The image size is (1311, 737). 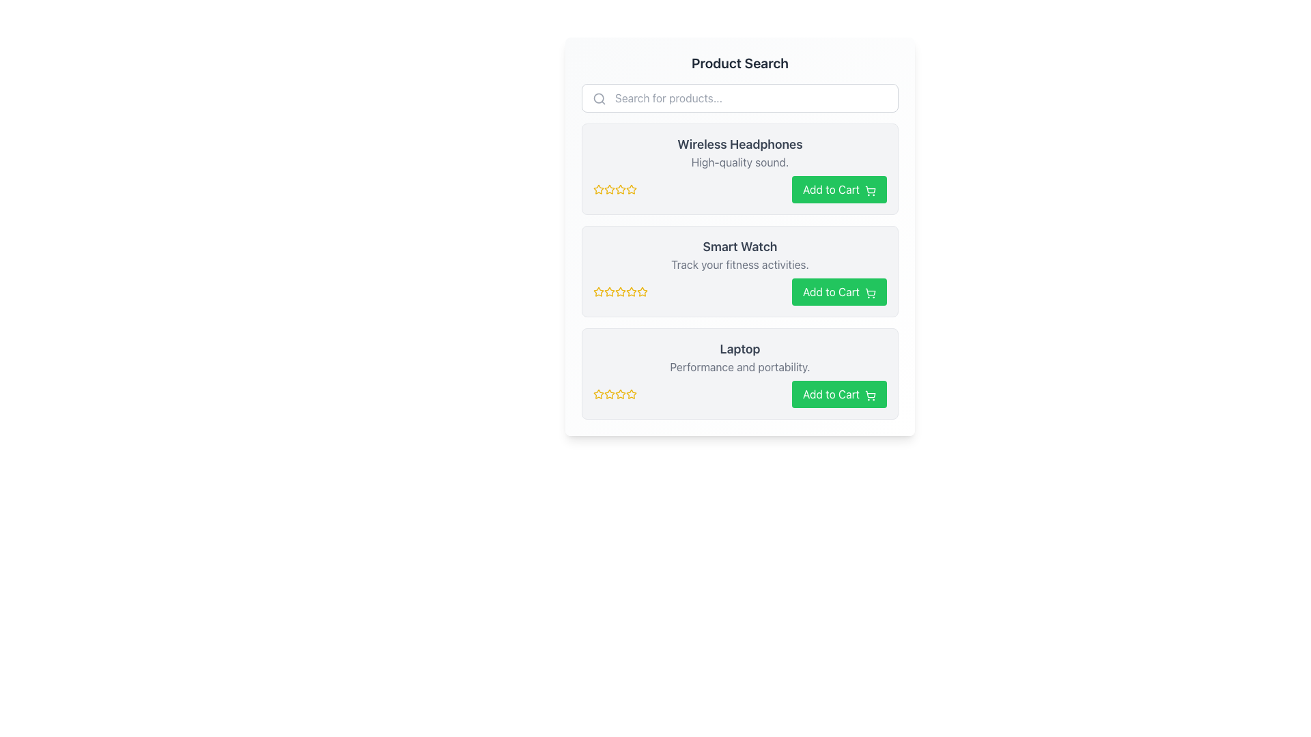 I want to click on the second star in the rating area for the 'Laptop' product, so click(x=608, y=394).